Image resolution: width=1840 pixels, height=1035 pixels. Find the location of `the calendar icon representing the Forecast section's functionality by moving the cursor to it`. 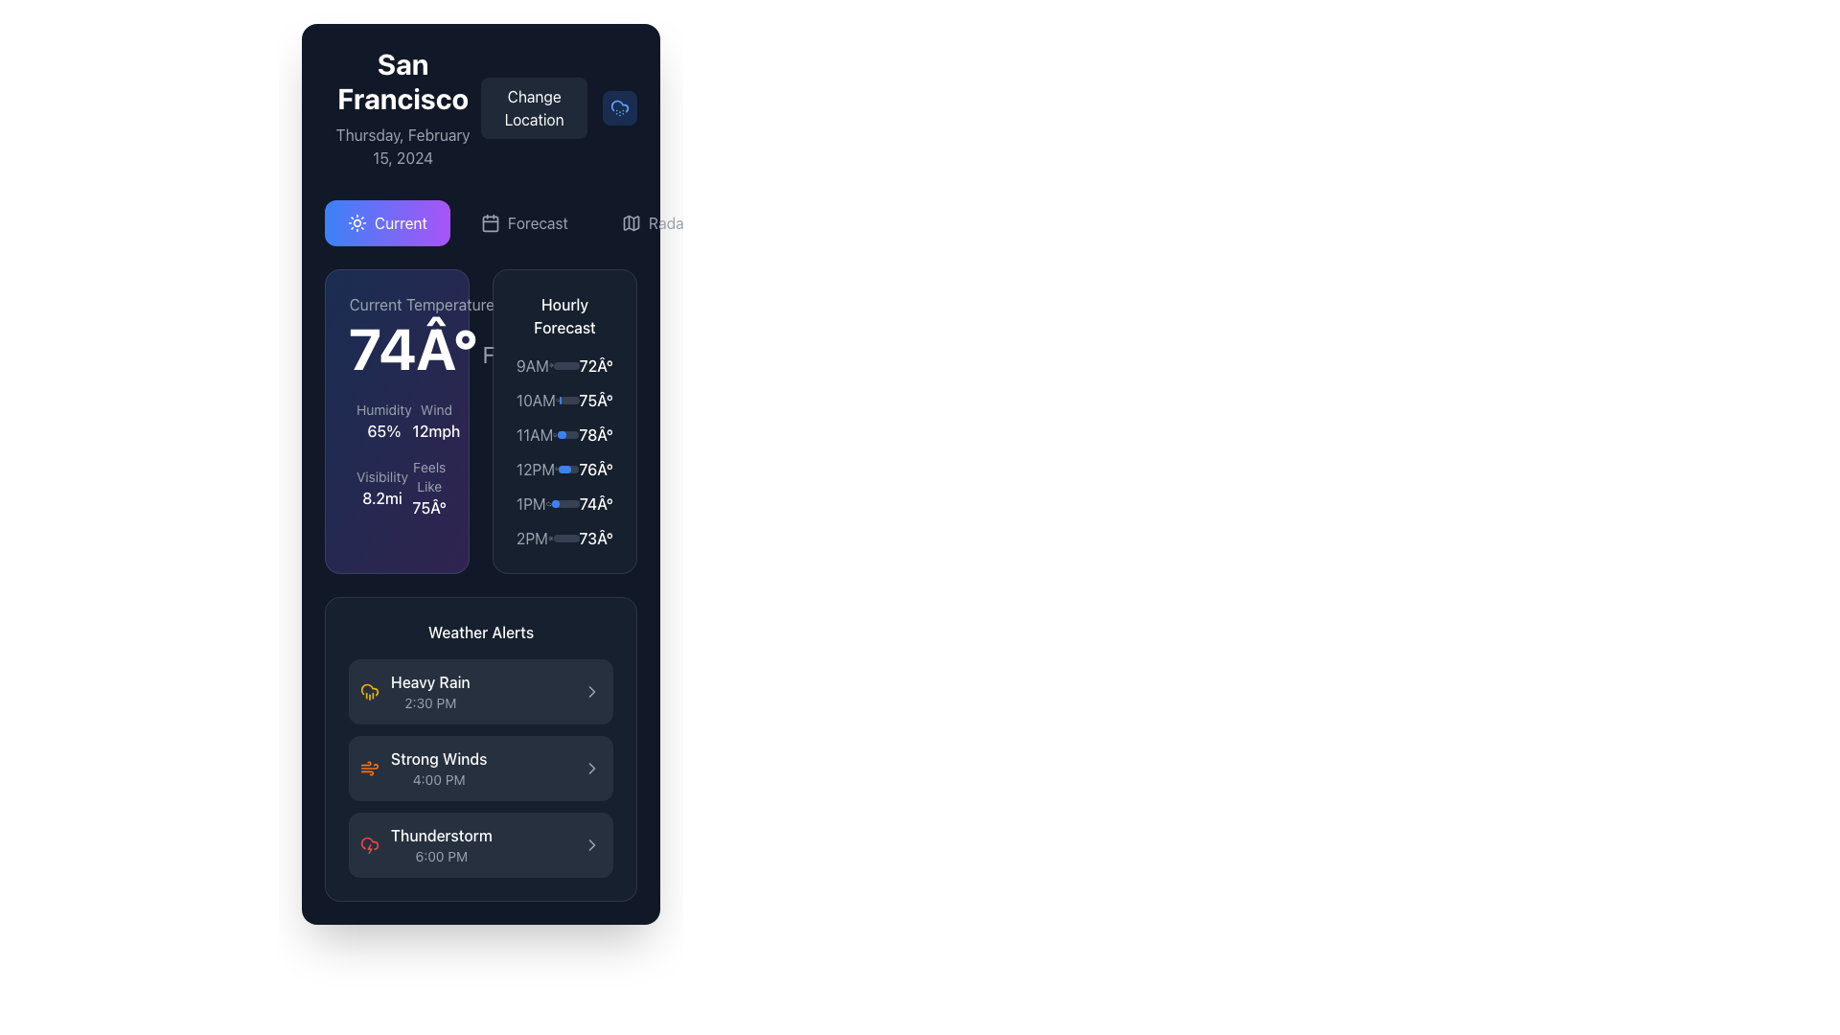

the calendar icon representing the Forecast section's functionality by moving the cursor to it is located at coordinates (491, 221).